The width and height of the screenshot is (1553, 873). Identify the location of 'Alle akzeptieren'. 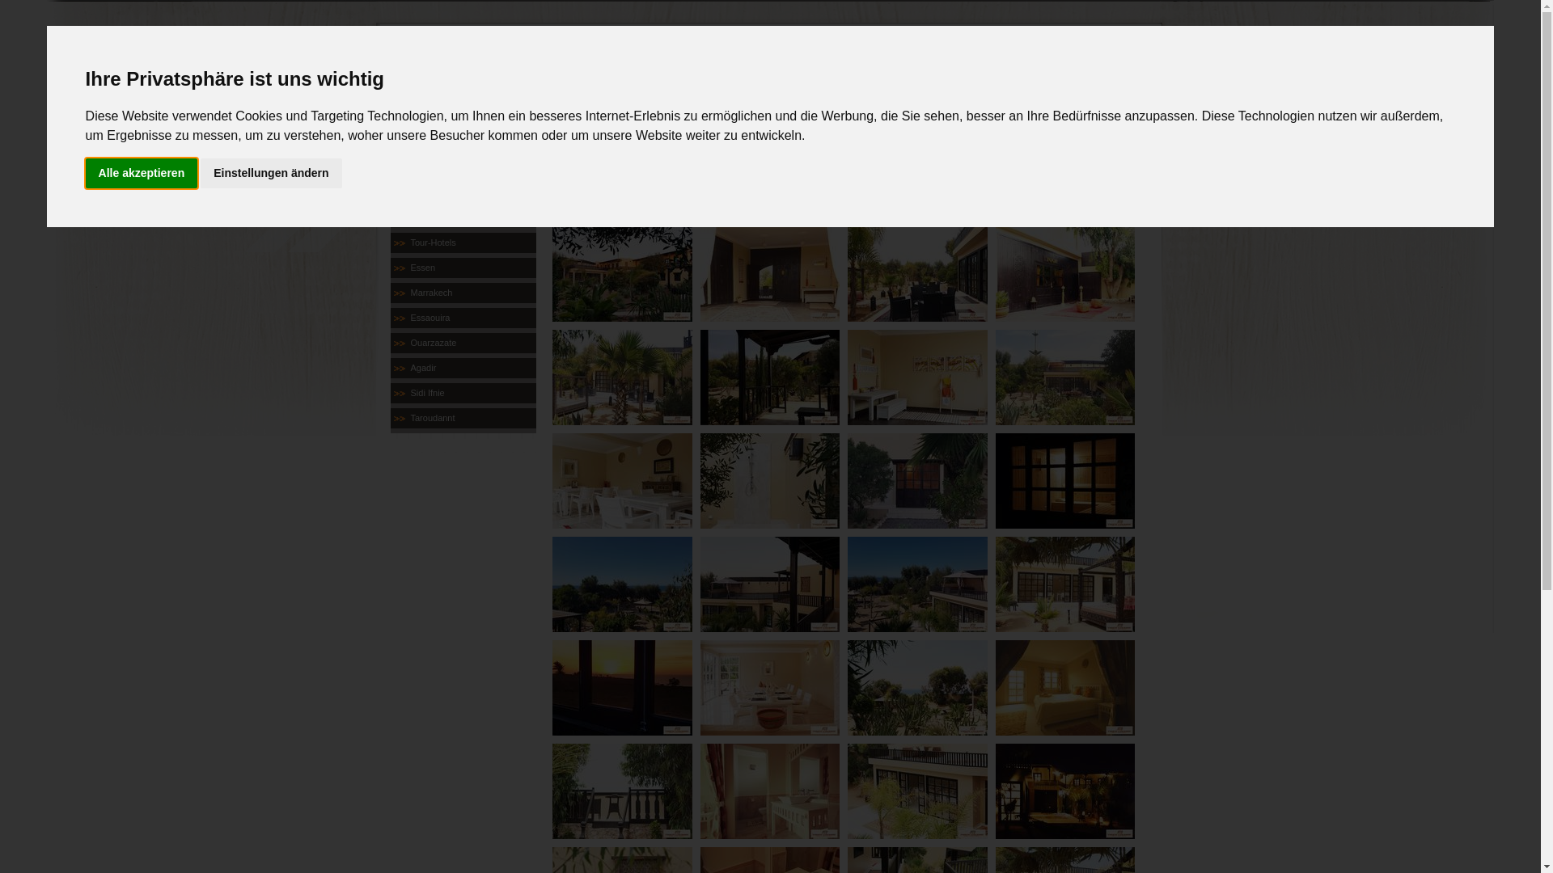
(142, 173).